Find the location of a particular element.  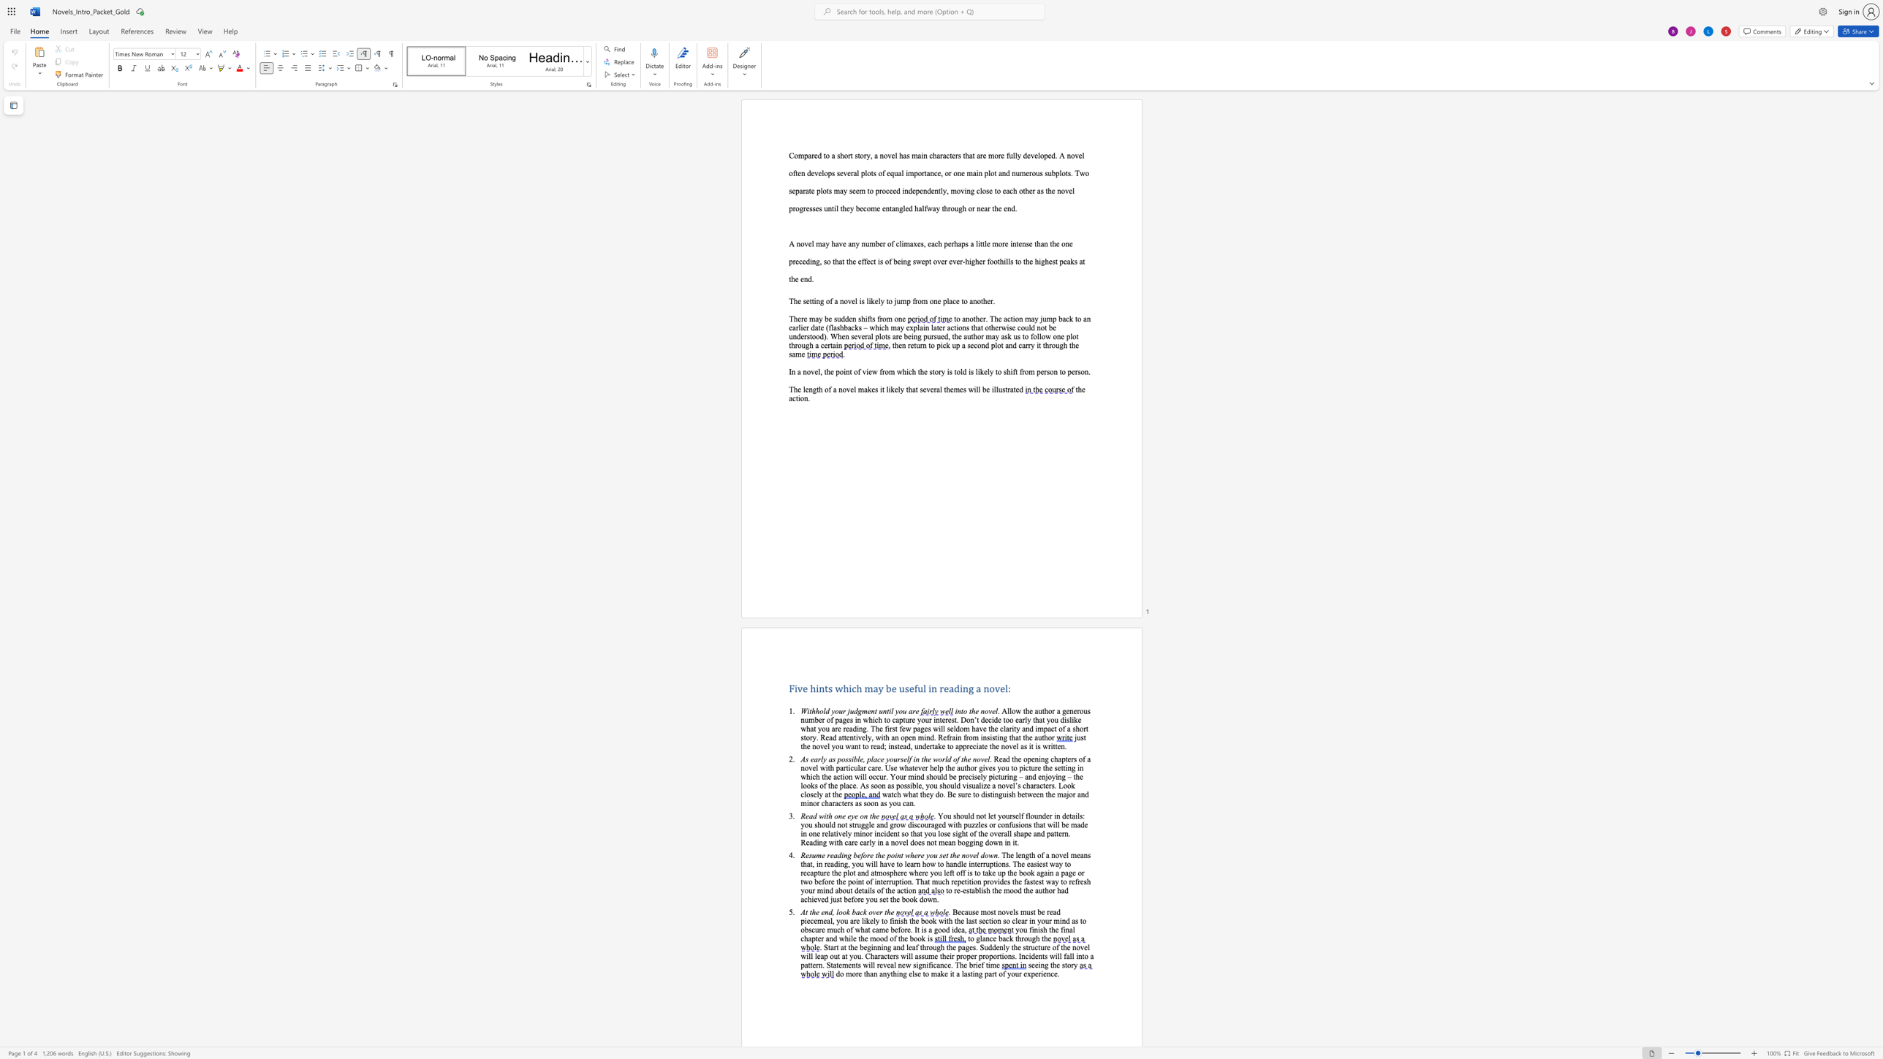

the 3th character "t" in the text is located at coordinates (859, 745).